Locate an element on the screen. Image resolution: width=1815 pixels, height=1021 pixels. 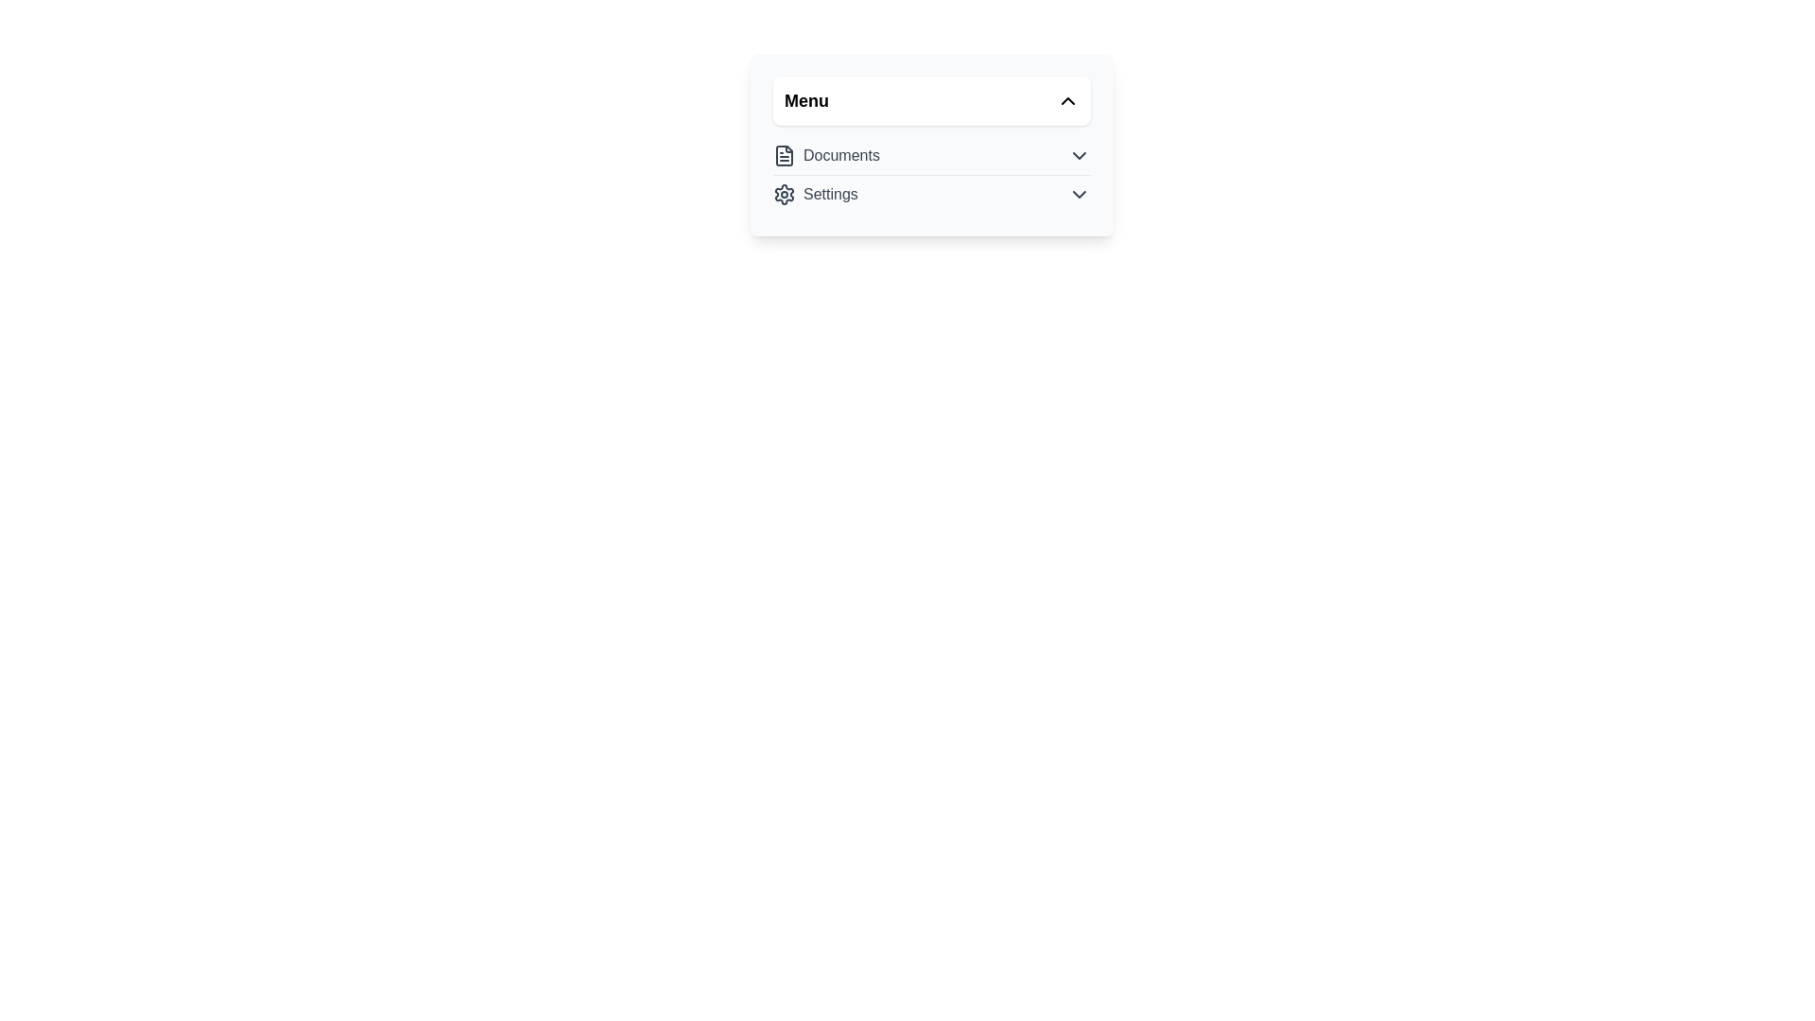
the red document icon with a folded upper-right corner that represents 'Documents' in the menu interface is located at coordinates (785, 155).